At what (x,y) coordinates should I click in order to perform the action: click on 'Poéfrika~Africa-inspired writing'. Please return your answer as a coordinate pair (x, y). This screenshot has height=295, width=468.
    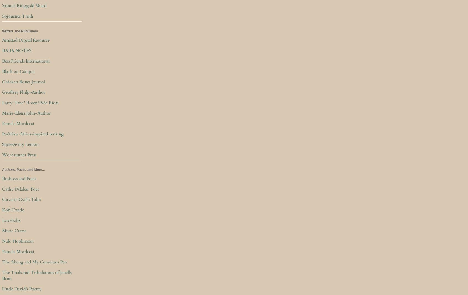
    Looking at the image, I should click on (33, 133).